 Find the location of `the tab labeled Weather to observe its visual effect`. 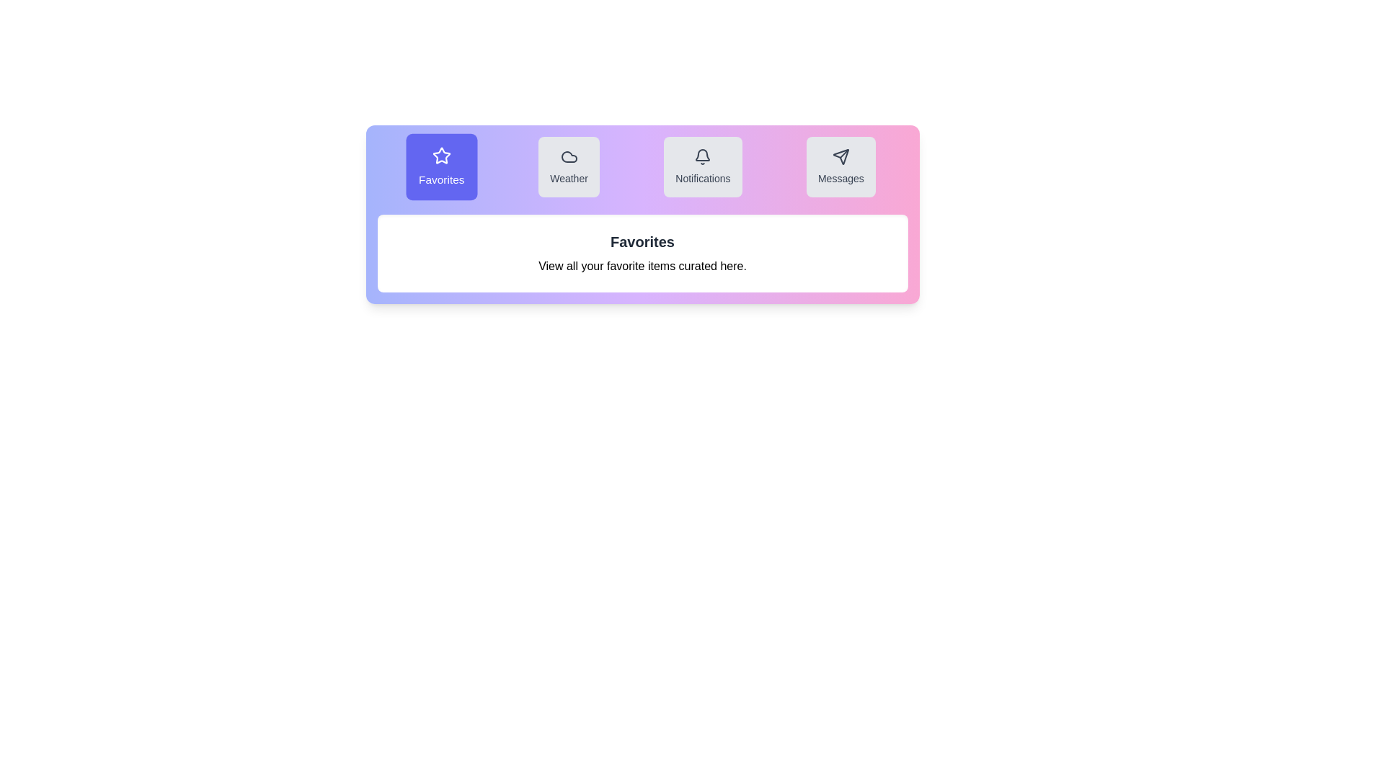

the tab labeled Weather to observe its visual effect is located at coordinates (568, 166).